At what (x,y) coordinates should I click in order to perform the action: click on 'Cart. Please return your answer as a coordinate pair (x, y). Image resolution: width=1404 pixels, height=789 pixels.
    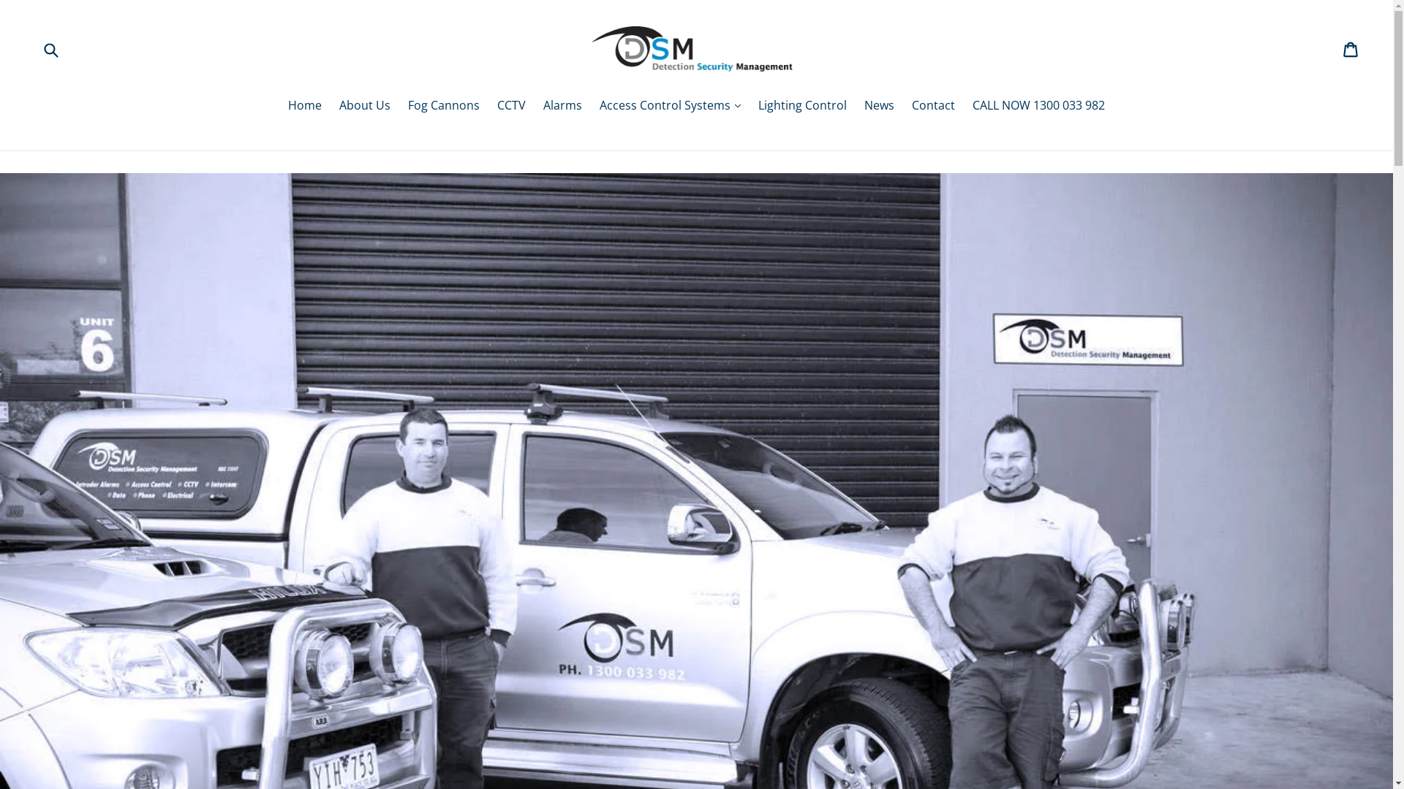
    Looking at the image, I should click on (1351, 49).